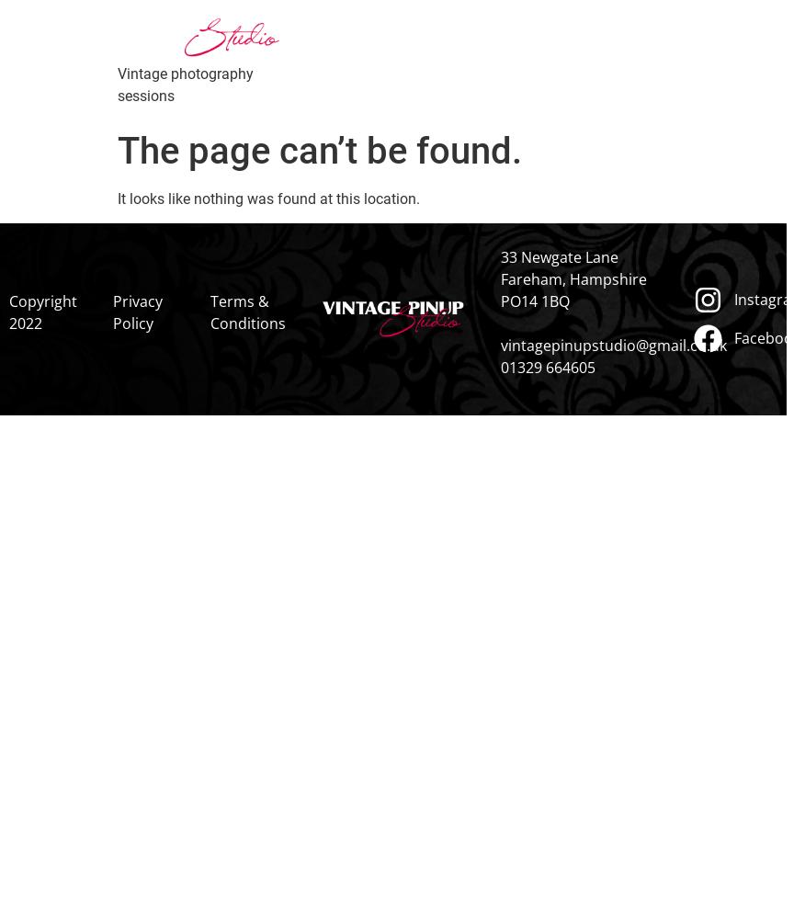 This screenshot has width=805, height=919. I want to click on 'Terms & Conditions', so click(246, 312).